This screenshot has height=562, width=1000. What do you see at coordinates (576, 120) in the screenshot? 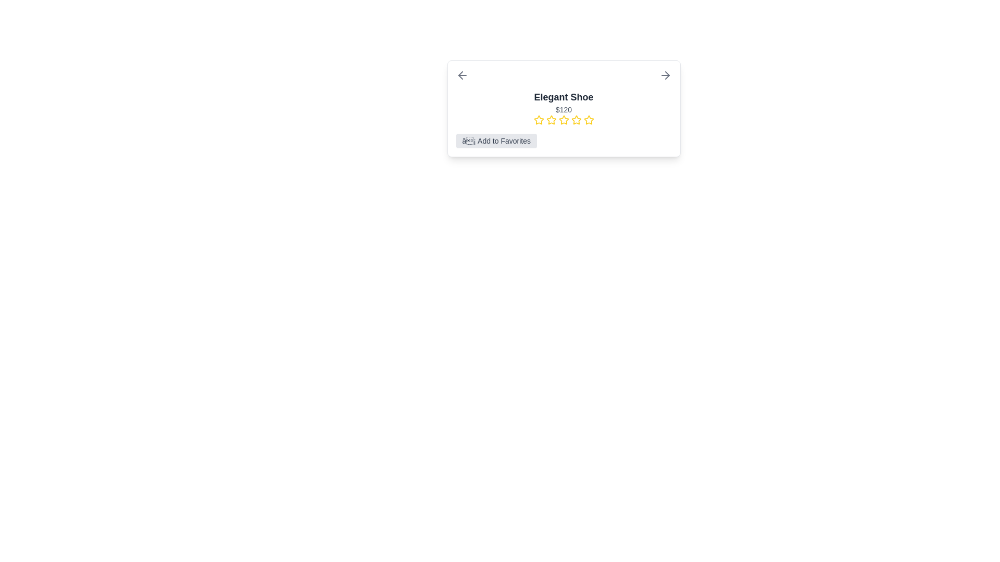
I see `the fifth yellow rating star icon with a hollow center, positioned below the title 'Elegant Shoe' and price '$120', and above the 'Add to Favorites' button` at bounding box center [576, 120].